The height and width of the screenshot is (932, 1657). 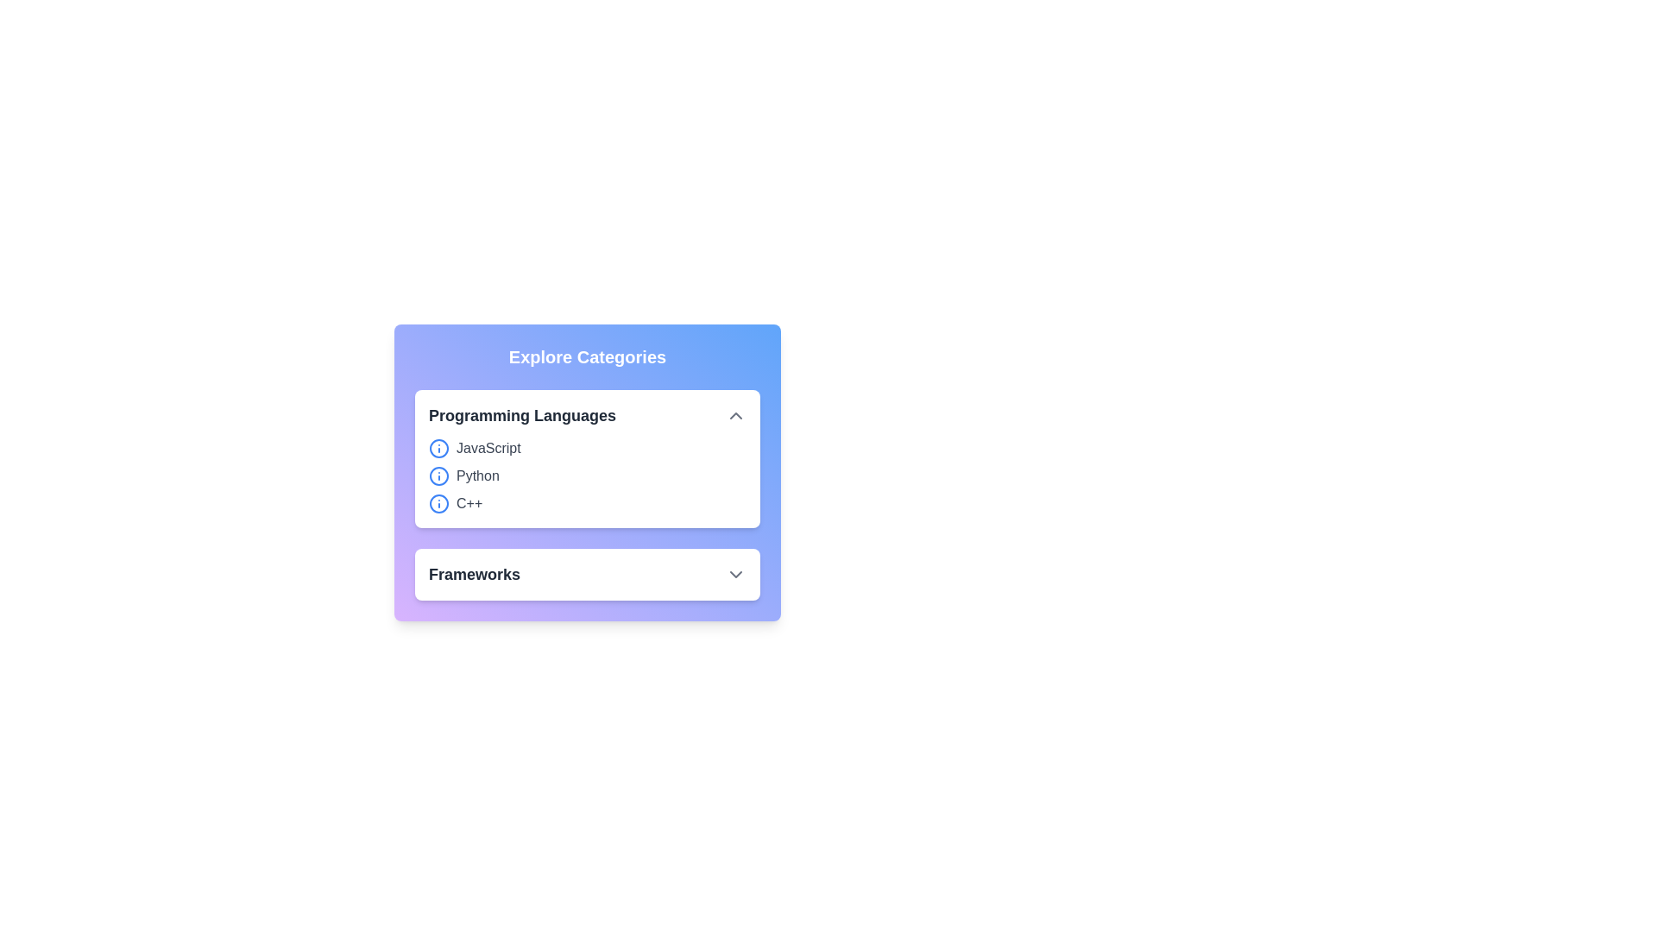 What do you see at coordinates (438, 448) in the screenshot?
I see `the info icon next to JavaScript to inspect the item` at bounding box center [438, 448].